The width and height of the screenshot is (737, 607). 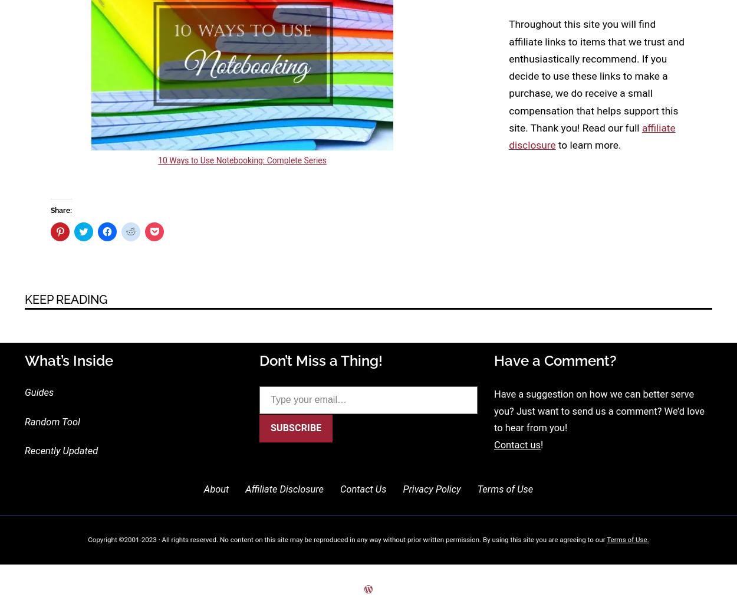 I want to click on 'Privacy Policy', so click(x=431, y=488).